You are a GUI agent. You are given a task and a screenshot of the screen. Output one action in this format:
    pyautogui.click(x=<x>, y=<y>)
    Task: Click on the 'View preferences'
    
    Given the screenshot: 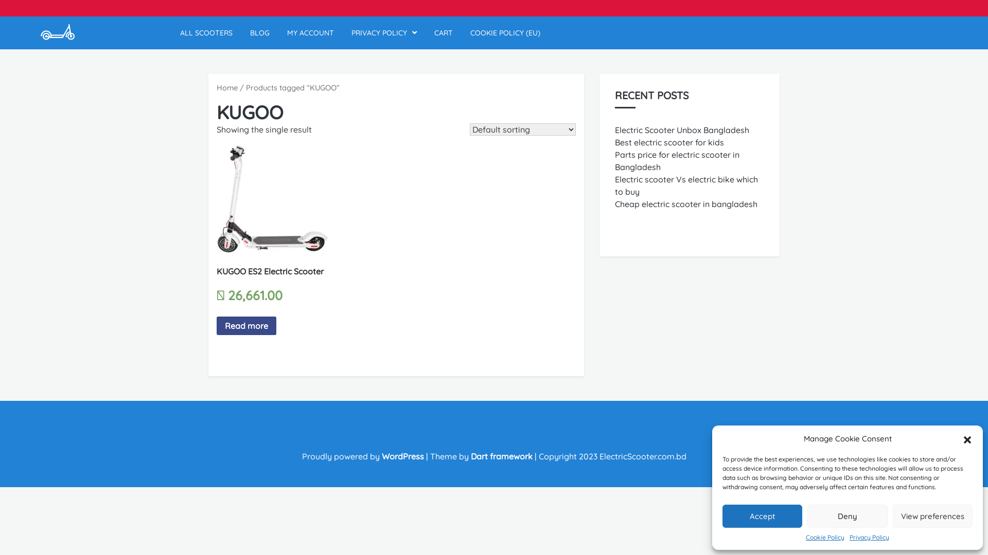 What is the action you would take?
    pyautogui.click(x=892, y=516)
    